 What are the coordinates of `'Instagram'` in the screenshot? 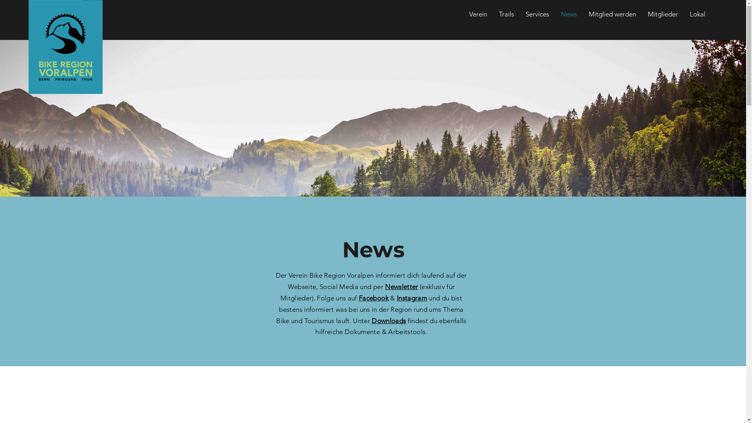 It's located at (411, 298).